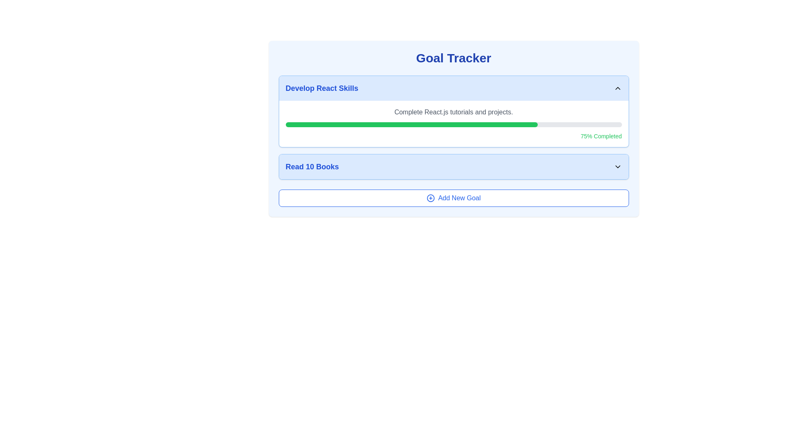 The width and height of the screenshot is (793, 446). What do you see at coordinates (453, 124) in the screenshot?
I see `the progress bar that visually represents the progress of reaching 75% completion, located below the text 'Complete React.js tutorials and projects.' and above '75% Completed'` at bounding box center [453, 124].